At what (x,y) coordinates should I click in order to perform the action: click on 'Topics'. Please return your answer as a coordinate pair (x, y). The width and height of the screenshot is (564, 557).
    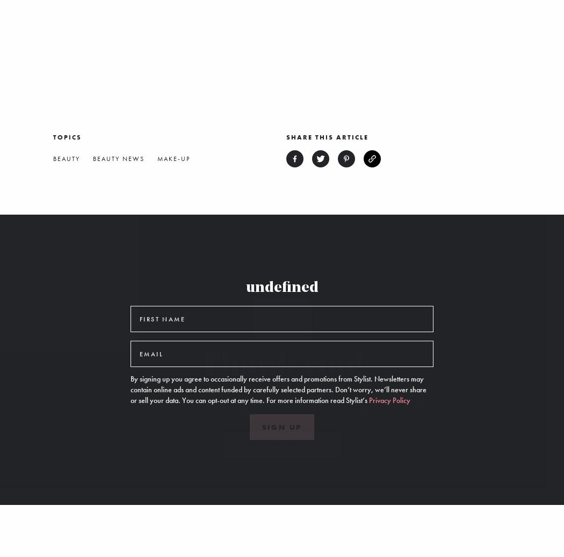
    Looking at the image, I should click on (67, 136).